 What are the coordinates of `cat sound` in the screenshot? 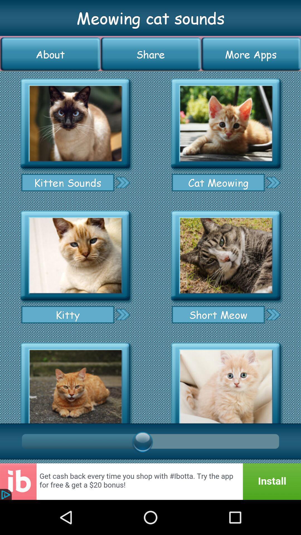 It's located at (75, 256).